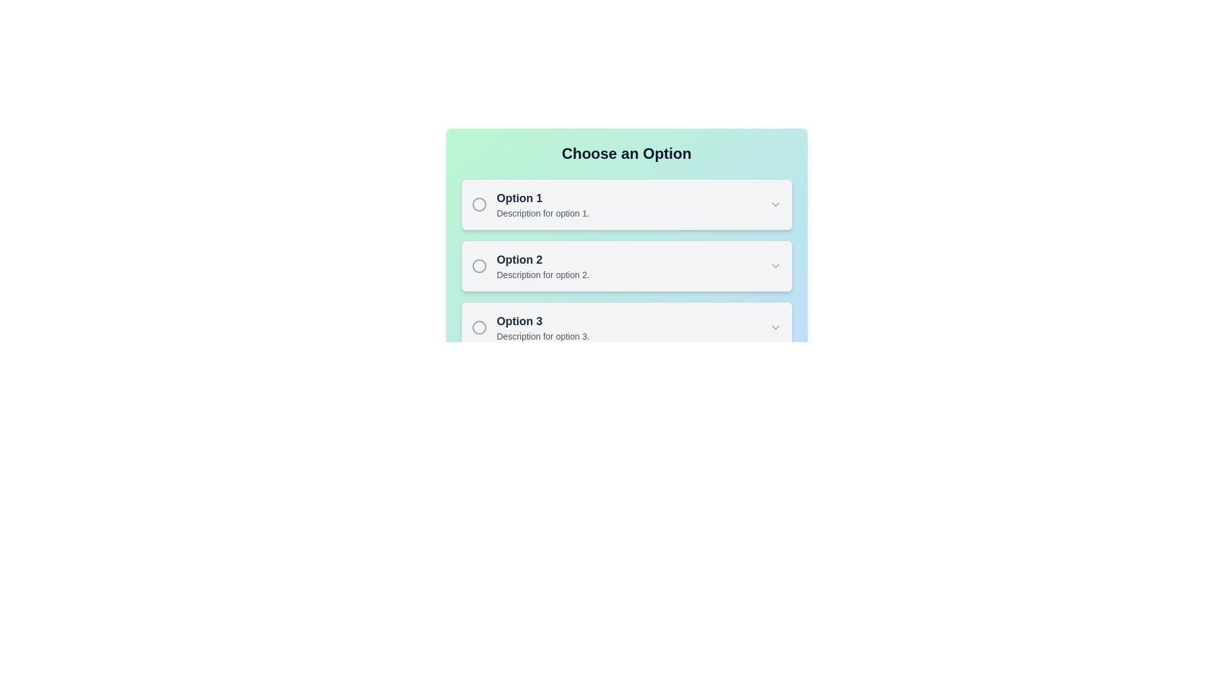 The width and height of the screenshot is (1205, 678). Describe the element at coordinates (543, 326) in the screenshot. I see `text contents of the text label displaying 'Option 3' and its description 'Description for option 3.'` at that location.